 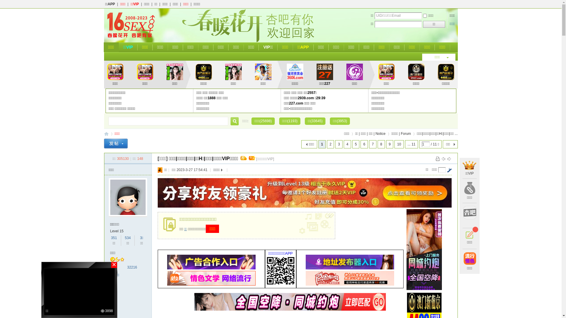 I want to click on '3', so click(x=339, y=144).